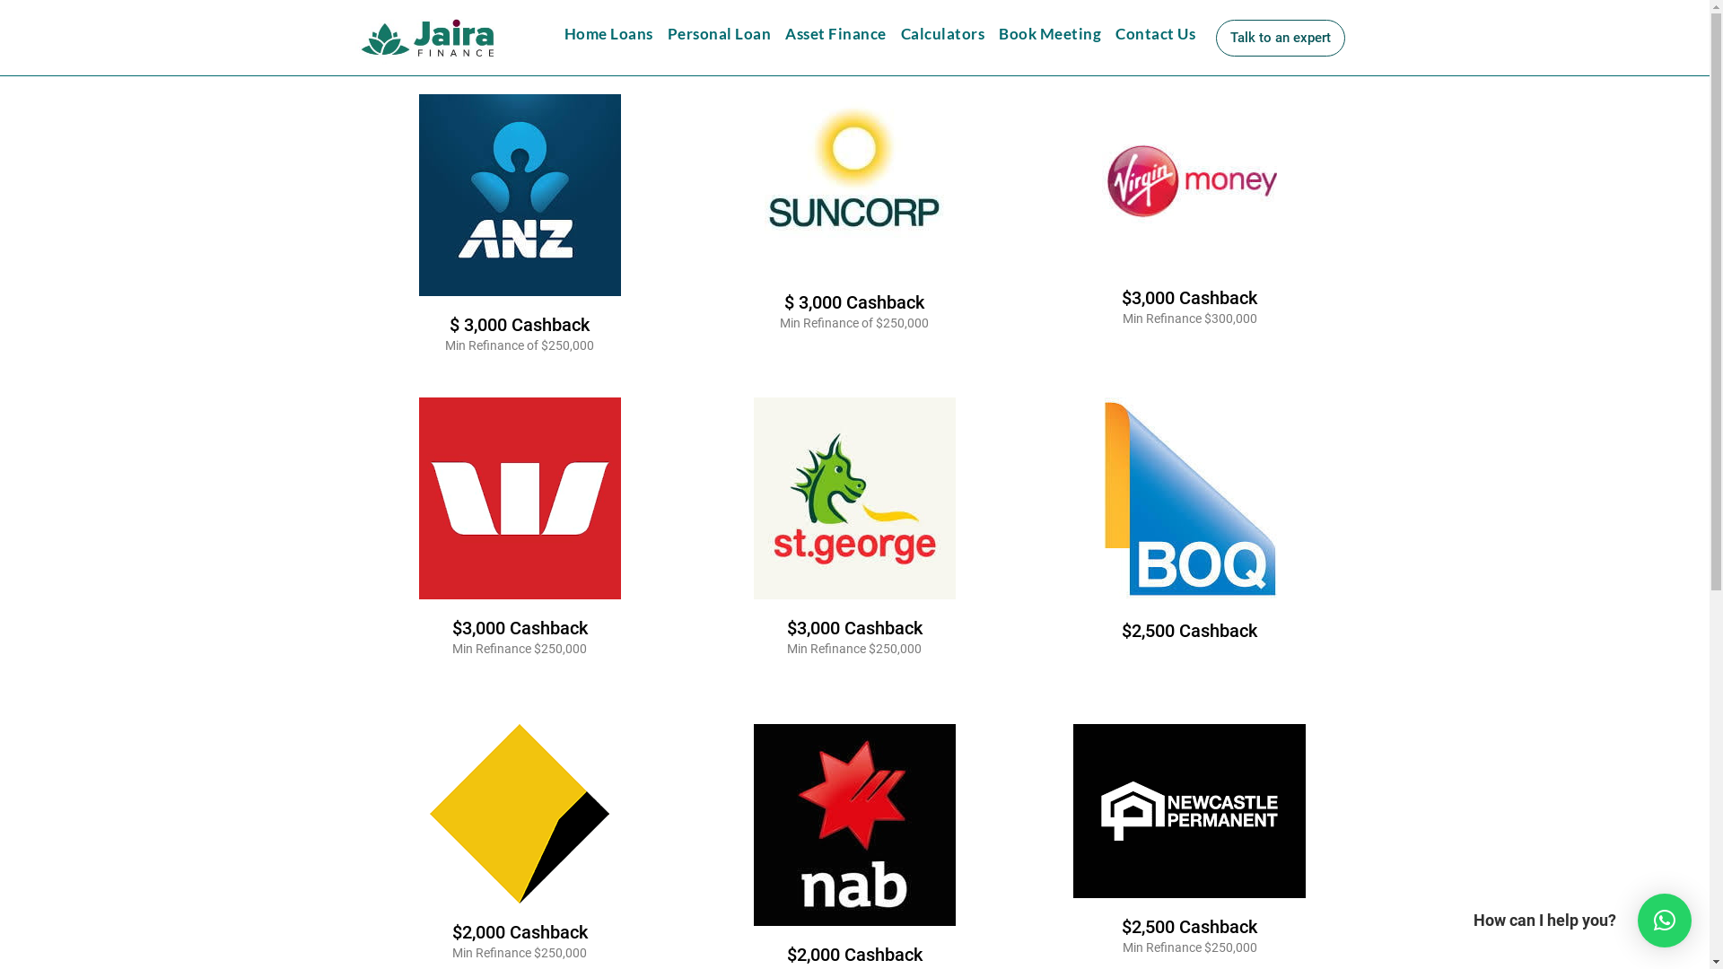  What do you see at coordinates (608, 34) in the screenshot?
I see `'Home Loans'` at bounding box center [608, 34].